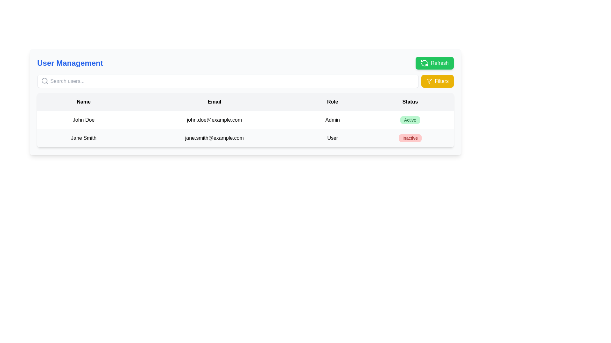  I want to click on the refresh icon located within the green rectangular button labeled 'Refresh' at the top-right corner of the interface, so click(425, 63).